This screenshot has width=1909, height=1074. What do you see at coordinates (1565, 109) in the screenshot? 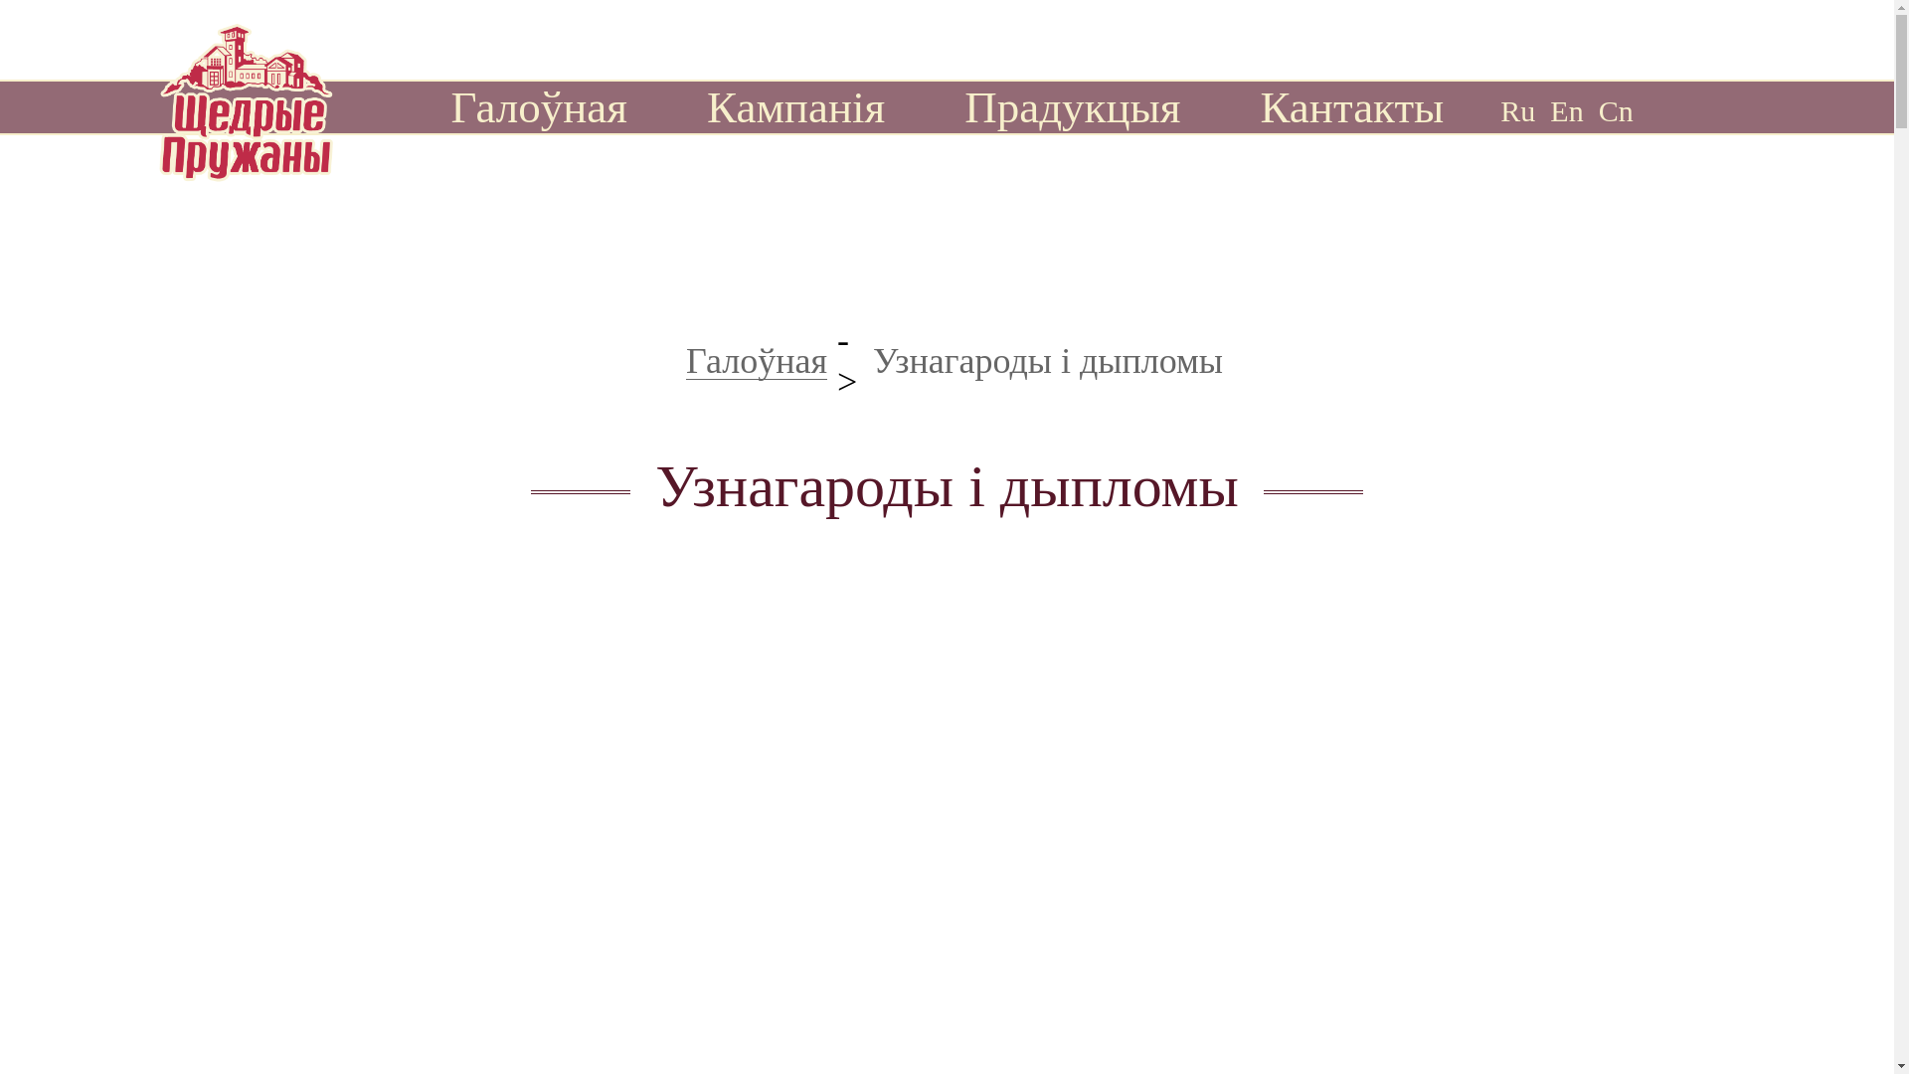
I see `'En'` at bounding box center [1565, 109].